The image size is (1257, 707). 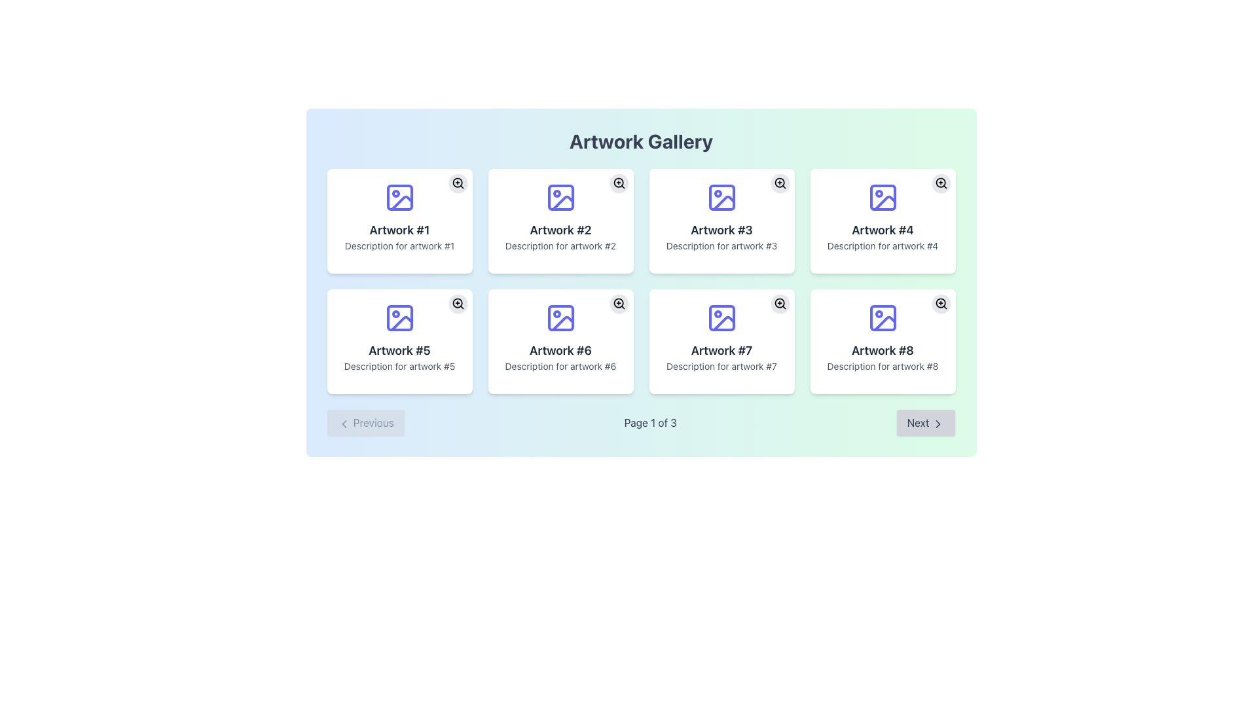 What do you see at coordinates (560, 350) in the screenshot?
I see `text from the bold heading labeled 'Artwork #6' located at the top-center of the sixth card in the grid layout` at bounding box center [560, 350].